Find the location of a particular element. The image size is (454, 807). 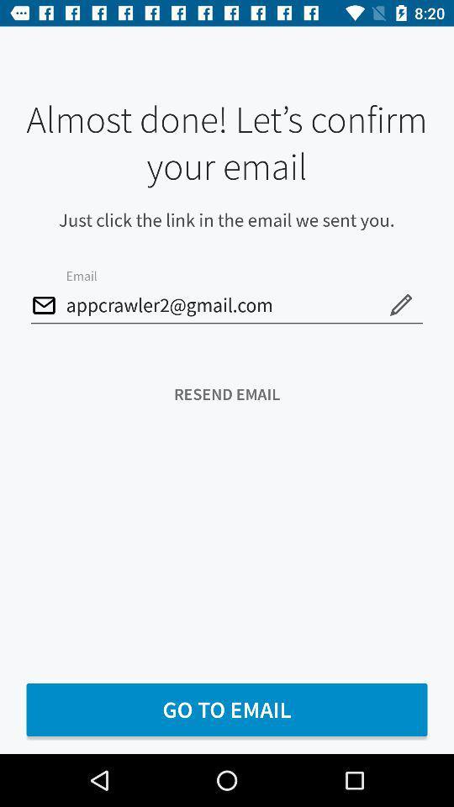

the edit icon is located at coordinates (399, 303).